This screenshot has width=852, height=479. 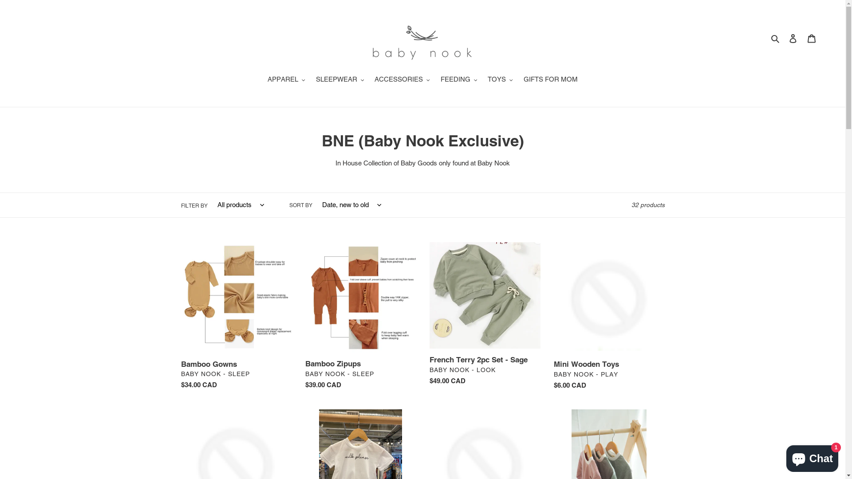 What do you see at coordinates (550, 80) in the screenshot?
I see `'GIFTS FOR MOM'` at bounding box center [550, 80].